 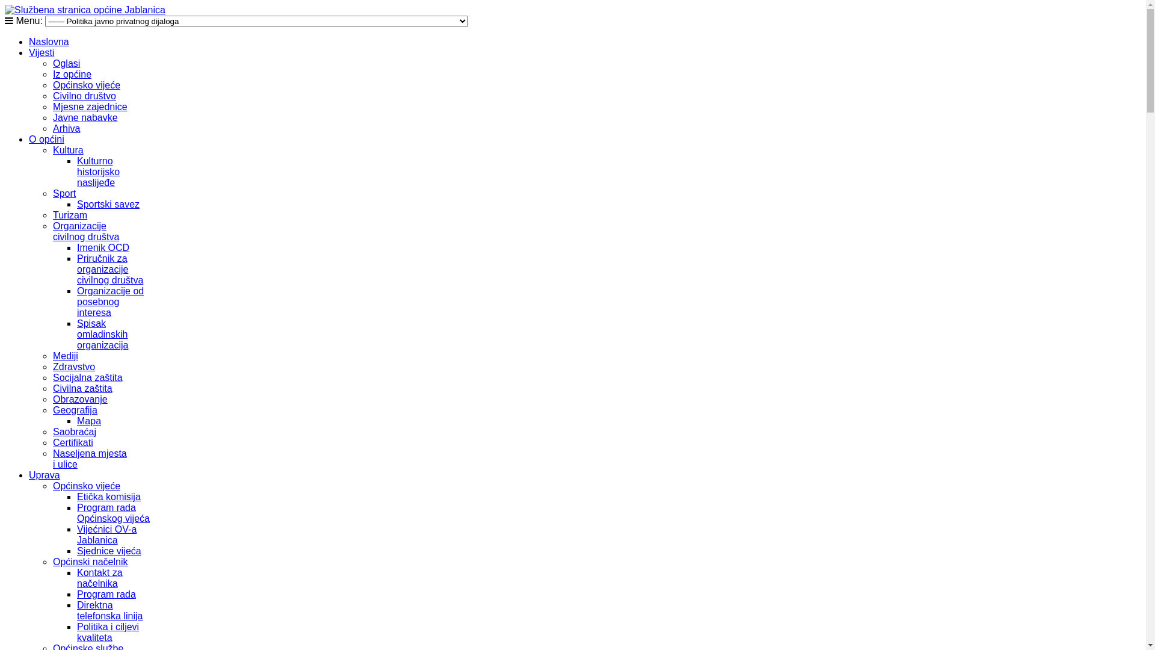 I want to click on 'Certifikati', so click(x=72, y=442).